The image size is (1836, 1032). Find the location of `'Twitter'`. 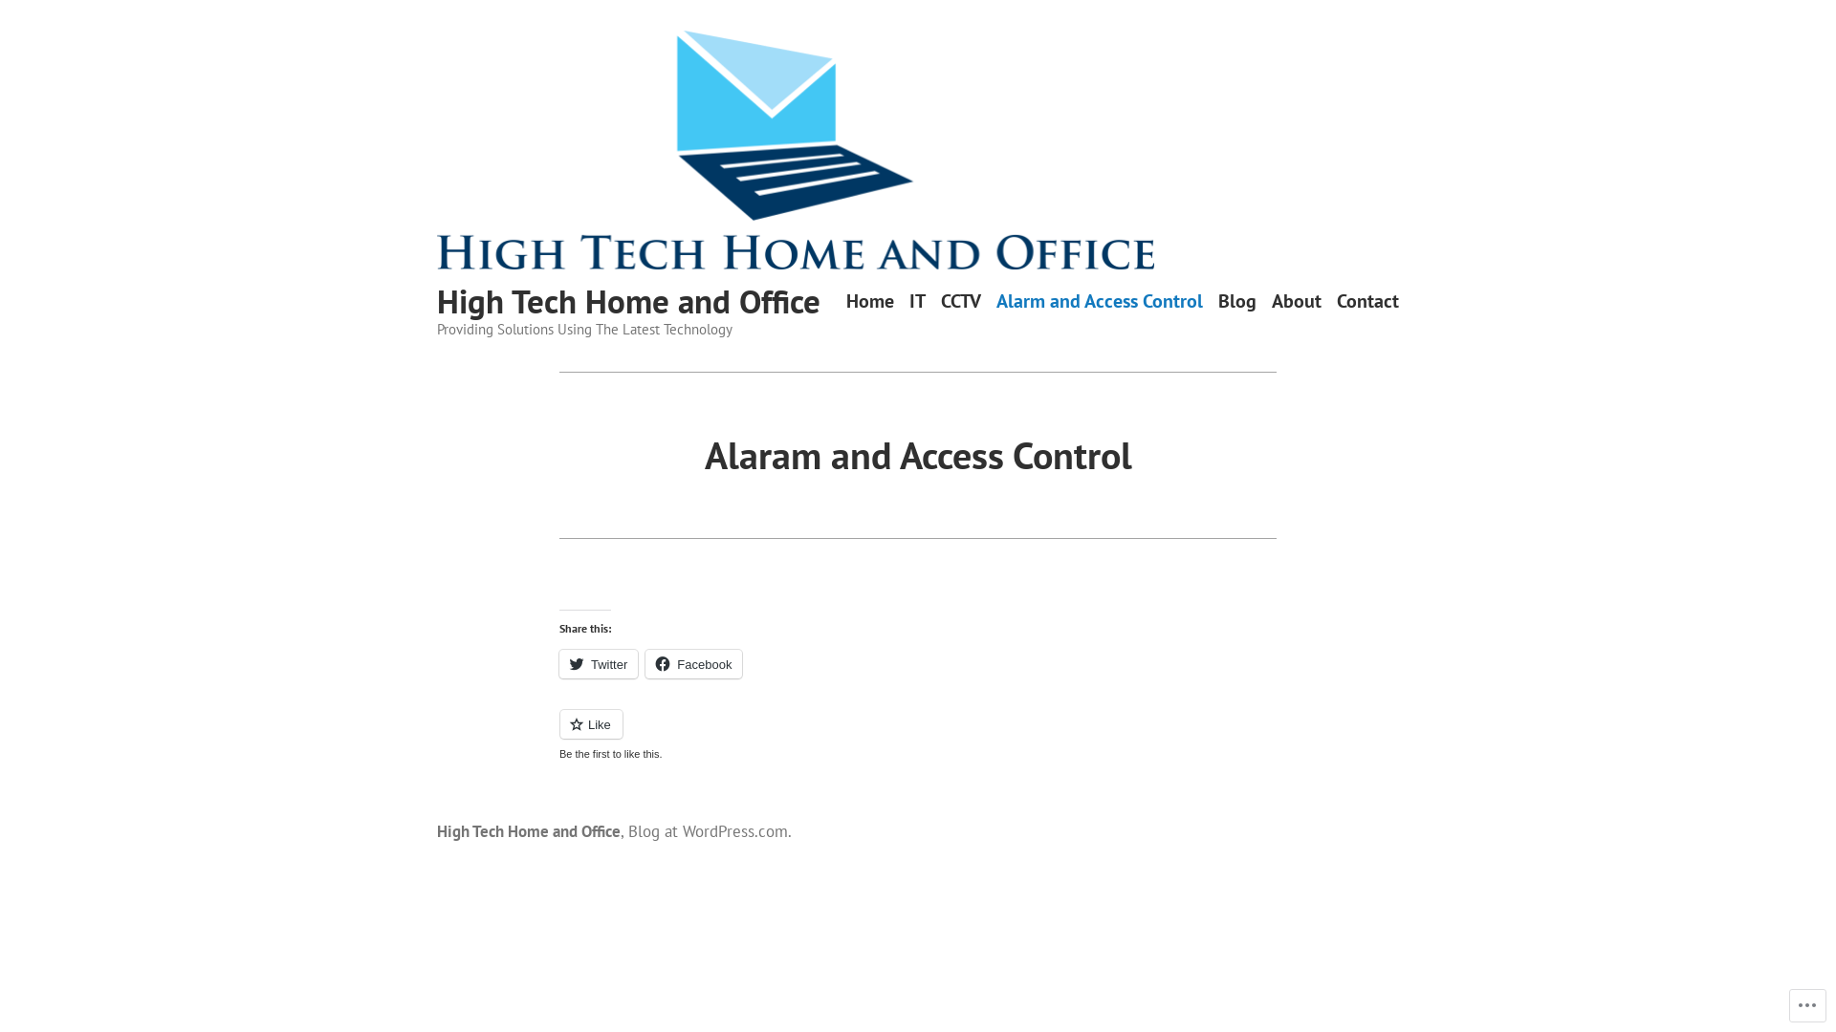

'Twitter' is located at coordinates (597, 662).